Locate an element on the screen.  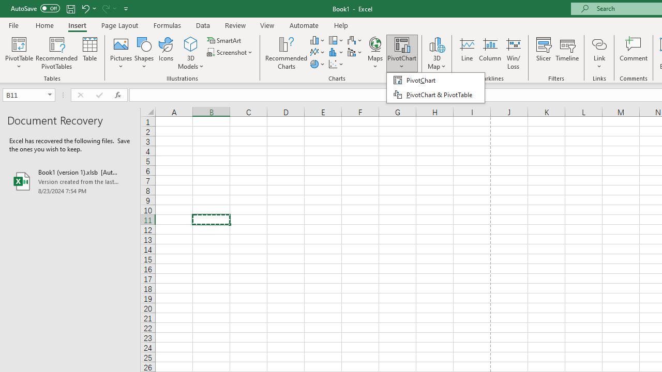
'Help' is located at coordinates (341, 25).